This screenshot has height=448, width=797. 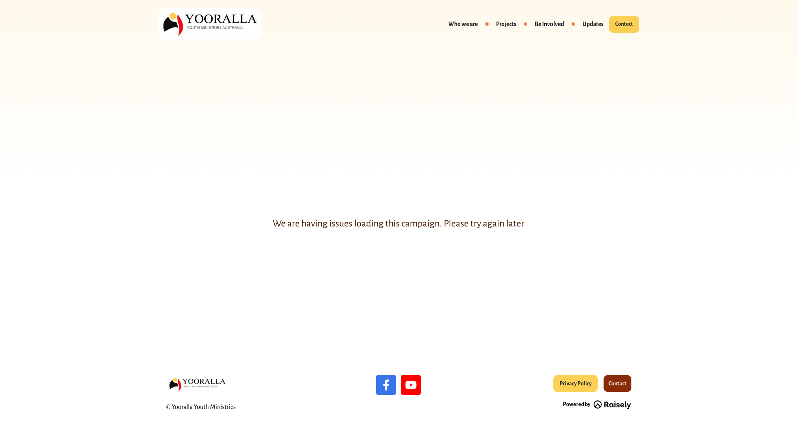 What do you see at coordinates (443, 24) in the screenshot?
I see `'Who we are'` at bounding box center [443, 24].